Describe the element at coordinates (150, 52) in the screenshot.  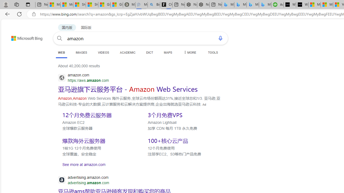
I see `'DICT'` at that location.